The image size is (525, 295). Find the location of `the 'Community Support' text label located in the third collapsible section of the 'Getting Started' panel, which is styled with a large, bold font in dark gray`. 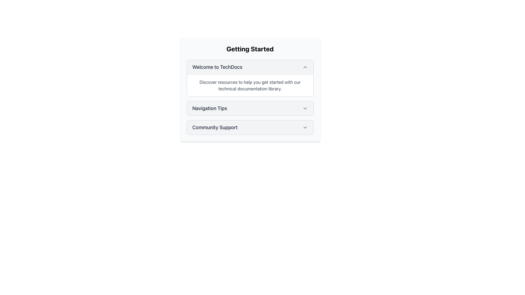

the 'Community Support' text label located in the third collapsible section of the 'Getting Started' panel, which is styled with a large, bold font in dark gray is located at coordinates (215, 127).